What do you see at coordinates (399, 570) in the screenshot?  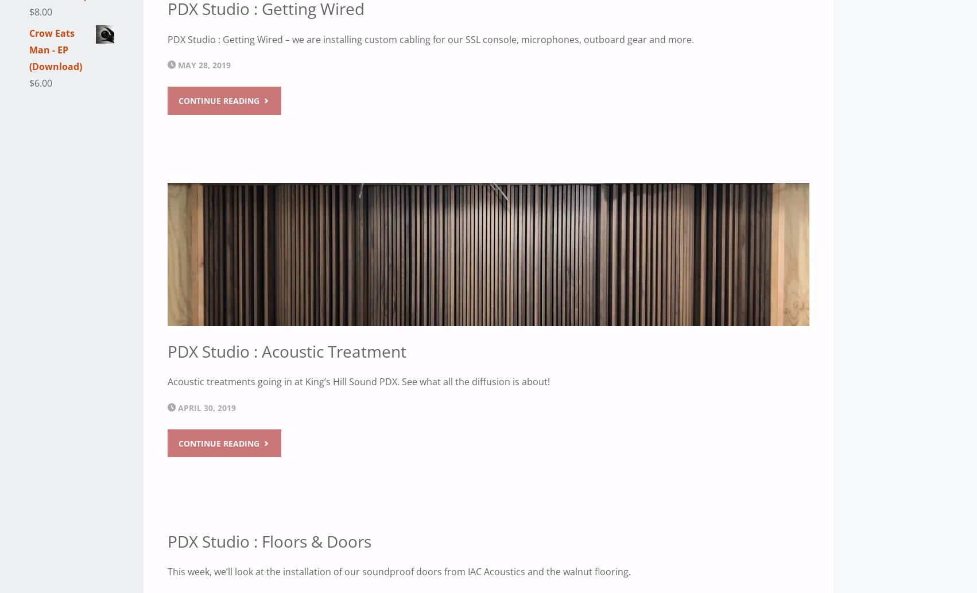 I see `'This week, we’ll look at the installation of our soundproof doors from IAC Acoustics and the walnut flooring.'` at bounding box center [399, 570].